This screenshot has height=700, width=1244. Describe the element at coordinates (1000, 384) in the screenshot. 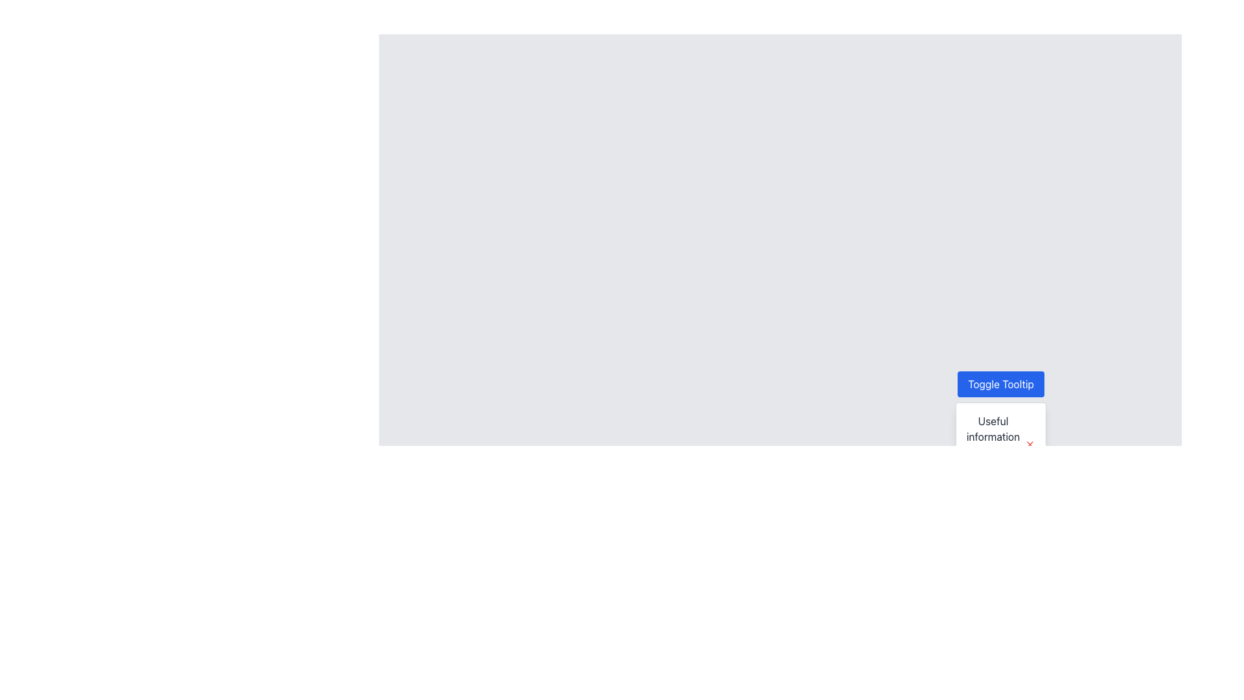

I see `the toggle button located at the center of the tooltip component` at that location.